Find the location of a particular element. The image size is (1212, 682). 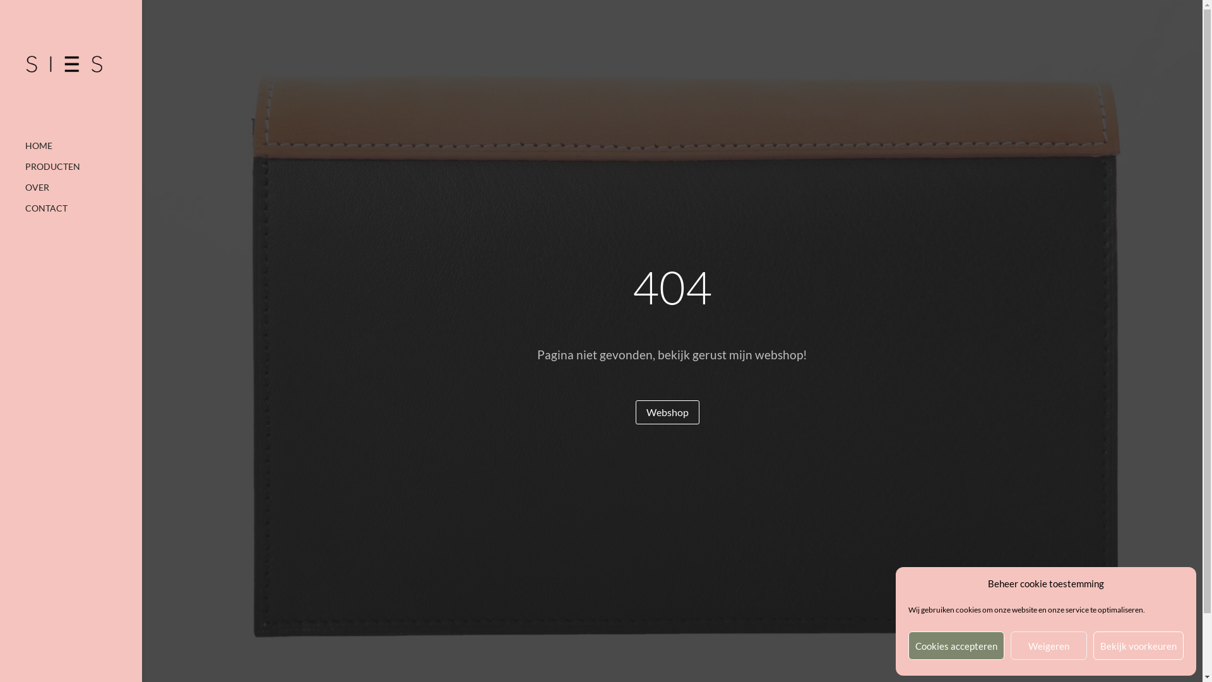

'Weigeren' is located at coordinates (1049, 645).